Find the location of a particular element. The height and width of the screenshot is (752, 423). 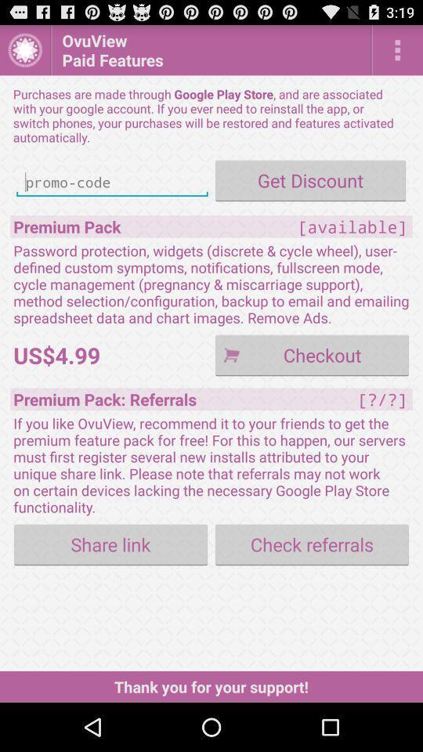

icon next to the us$4.99 app is located at coordinates (312, 355).